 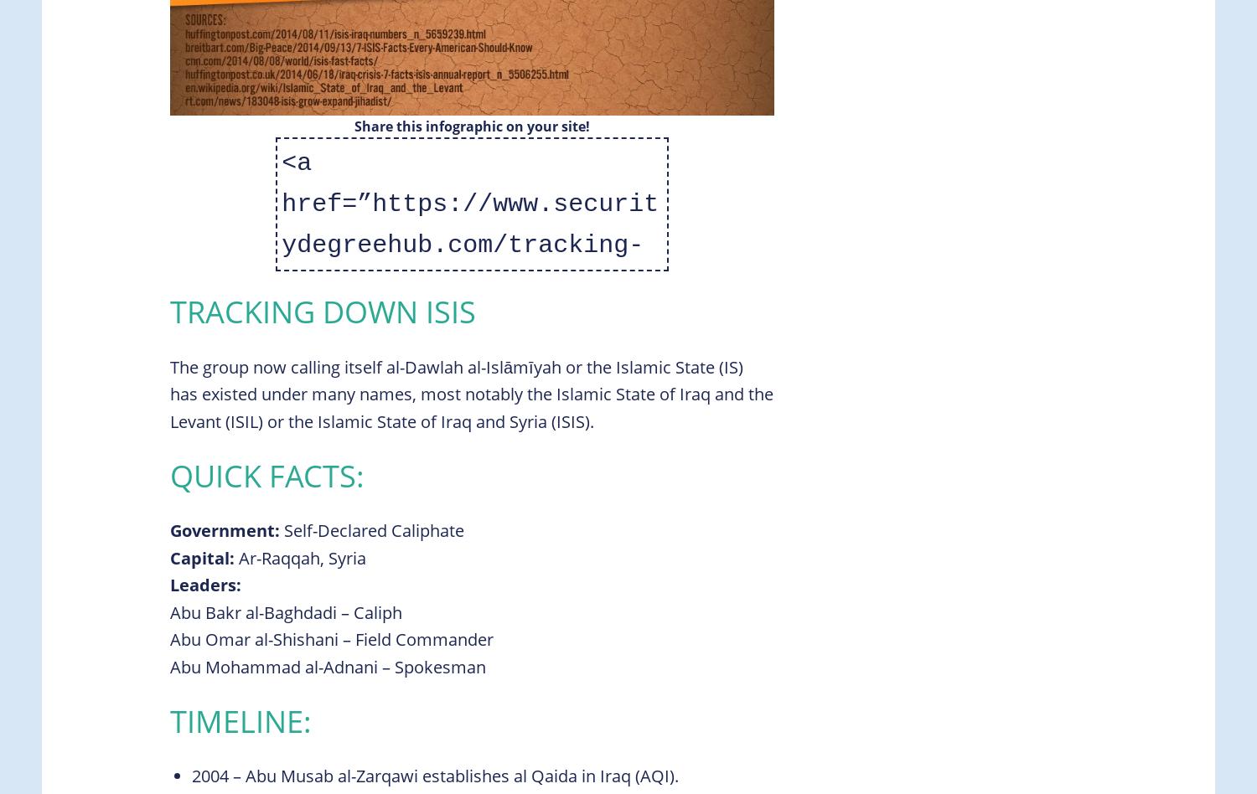 What do you see at coordinates (266, 476) in the screenshot?
I see `'Quick Facts:'` at bounding box center [266, 476].